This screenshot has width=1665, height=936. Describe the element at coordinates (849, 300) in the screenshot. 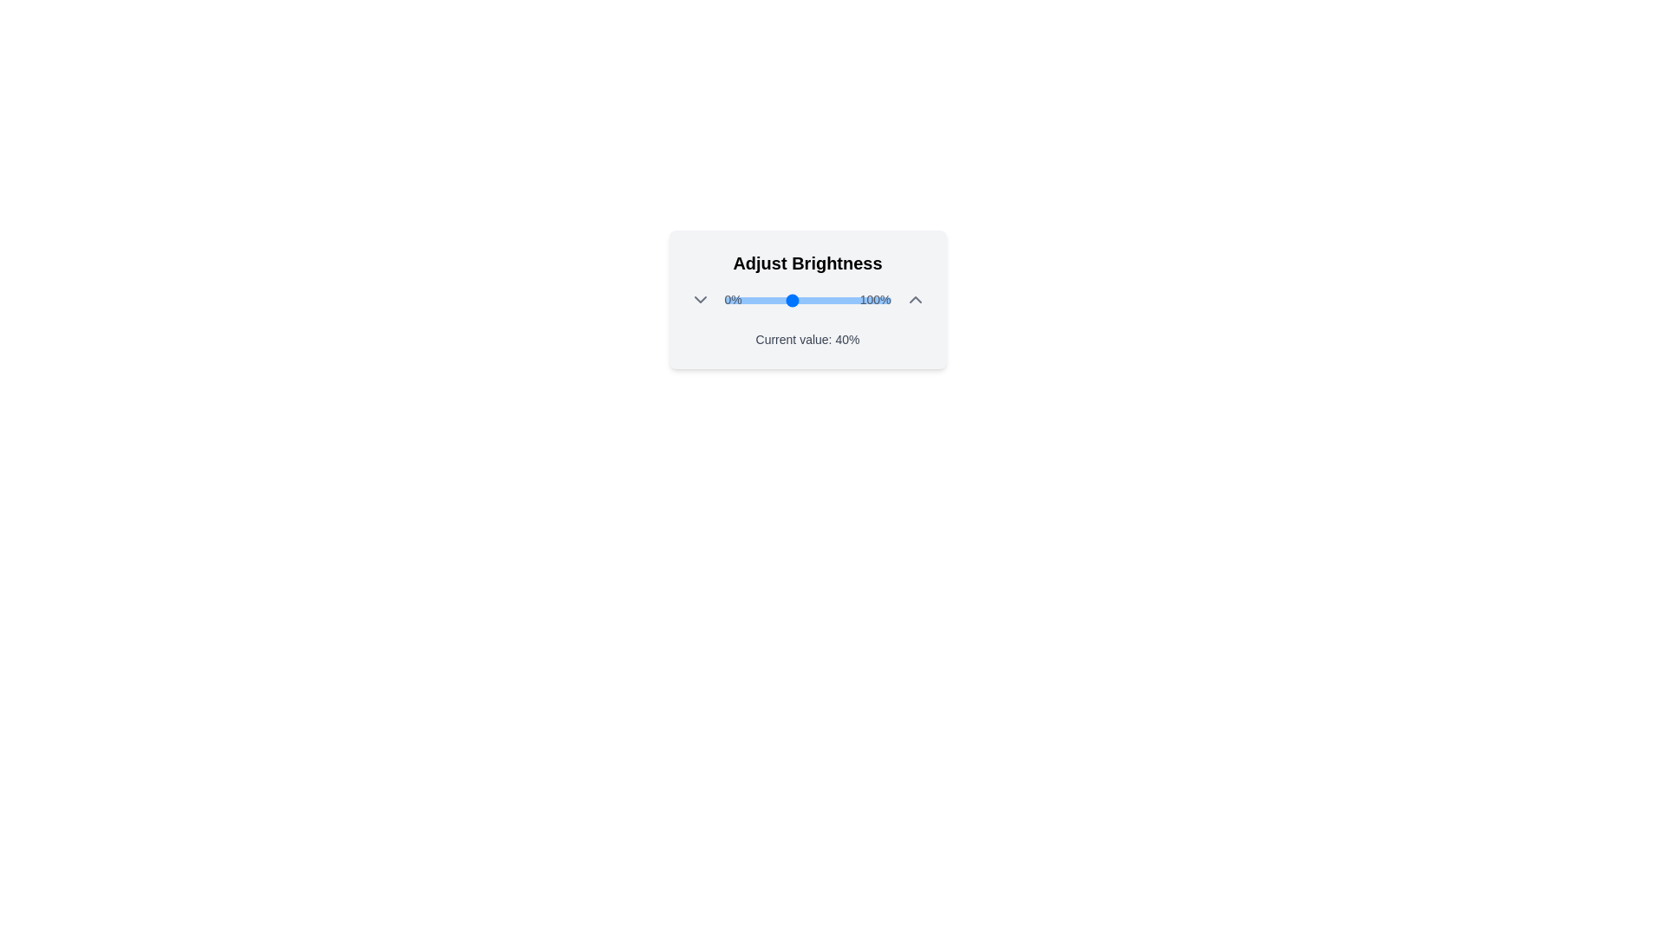

I see `brightness` at that location.